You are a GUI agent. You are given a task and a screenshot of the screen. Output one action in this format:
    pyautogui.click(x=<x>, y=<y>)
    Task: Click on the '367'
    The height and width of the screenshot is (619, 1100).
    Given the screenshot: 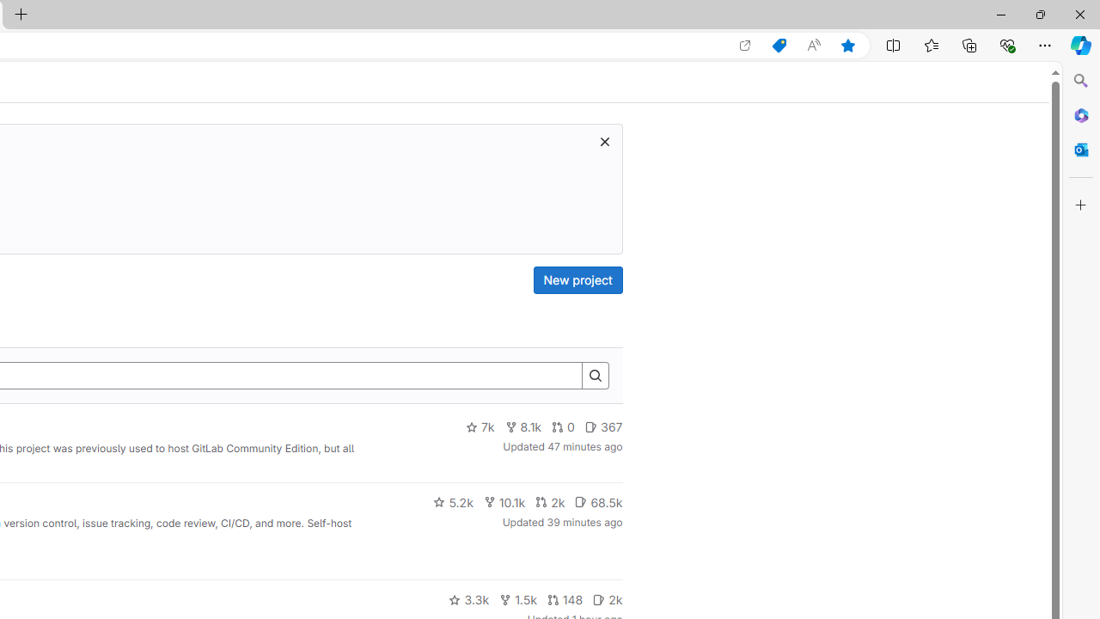 What is the action you would take?
    pyautogui.click(x=603, y=426)
    